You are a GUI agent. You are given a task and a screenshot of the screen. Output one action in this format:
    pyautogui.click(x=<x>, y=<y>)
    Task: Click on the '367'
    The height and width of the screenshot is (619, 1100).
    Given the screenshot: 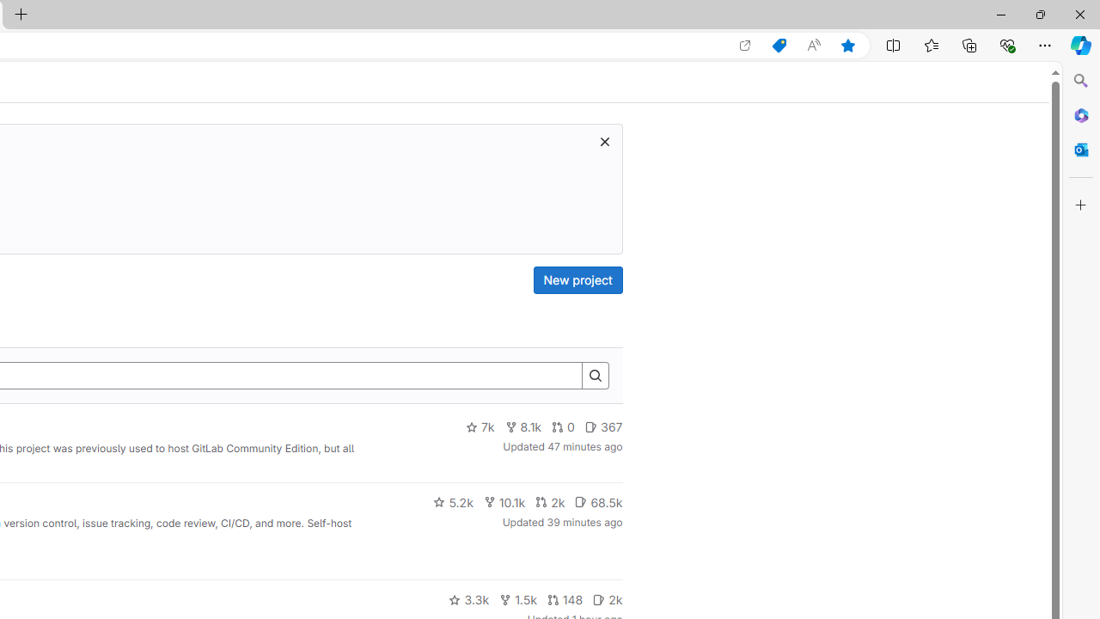 What is the action you would take?
    pyautogui.click(x=603, y=426)
    